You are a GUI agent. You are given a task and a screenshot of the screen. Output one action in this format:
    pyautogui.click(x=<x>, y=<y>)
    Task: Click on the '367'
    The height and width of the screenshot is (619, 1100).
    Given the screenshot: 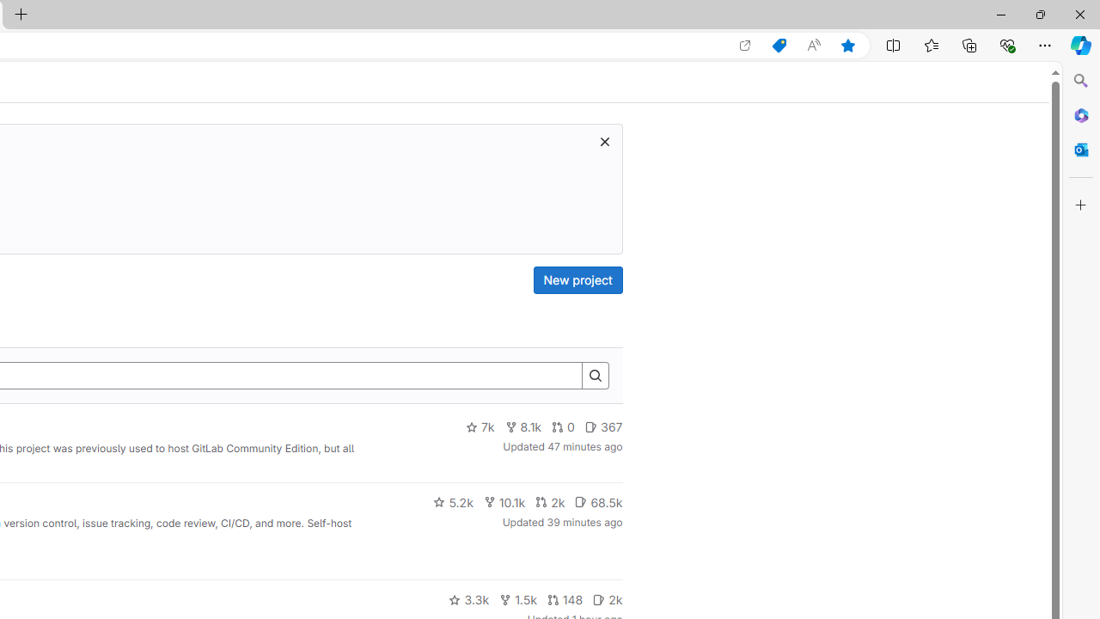 What is the action you would take?
    pyautogui.click(x=603, y=426)
    